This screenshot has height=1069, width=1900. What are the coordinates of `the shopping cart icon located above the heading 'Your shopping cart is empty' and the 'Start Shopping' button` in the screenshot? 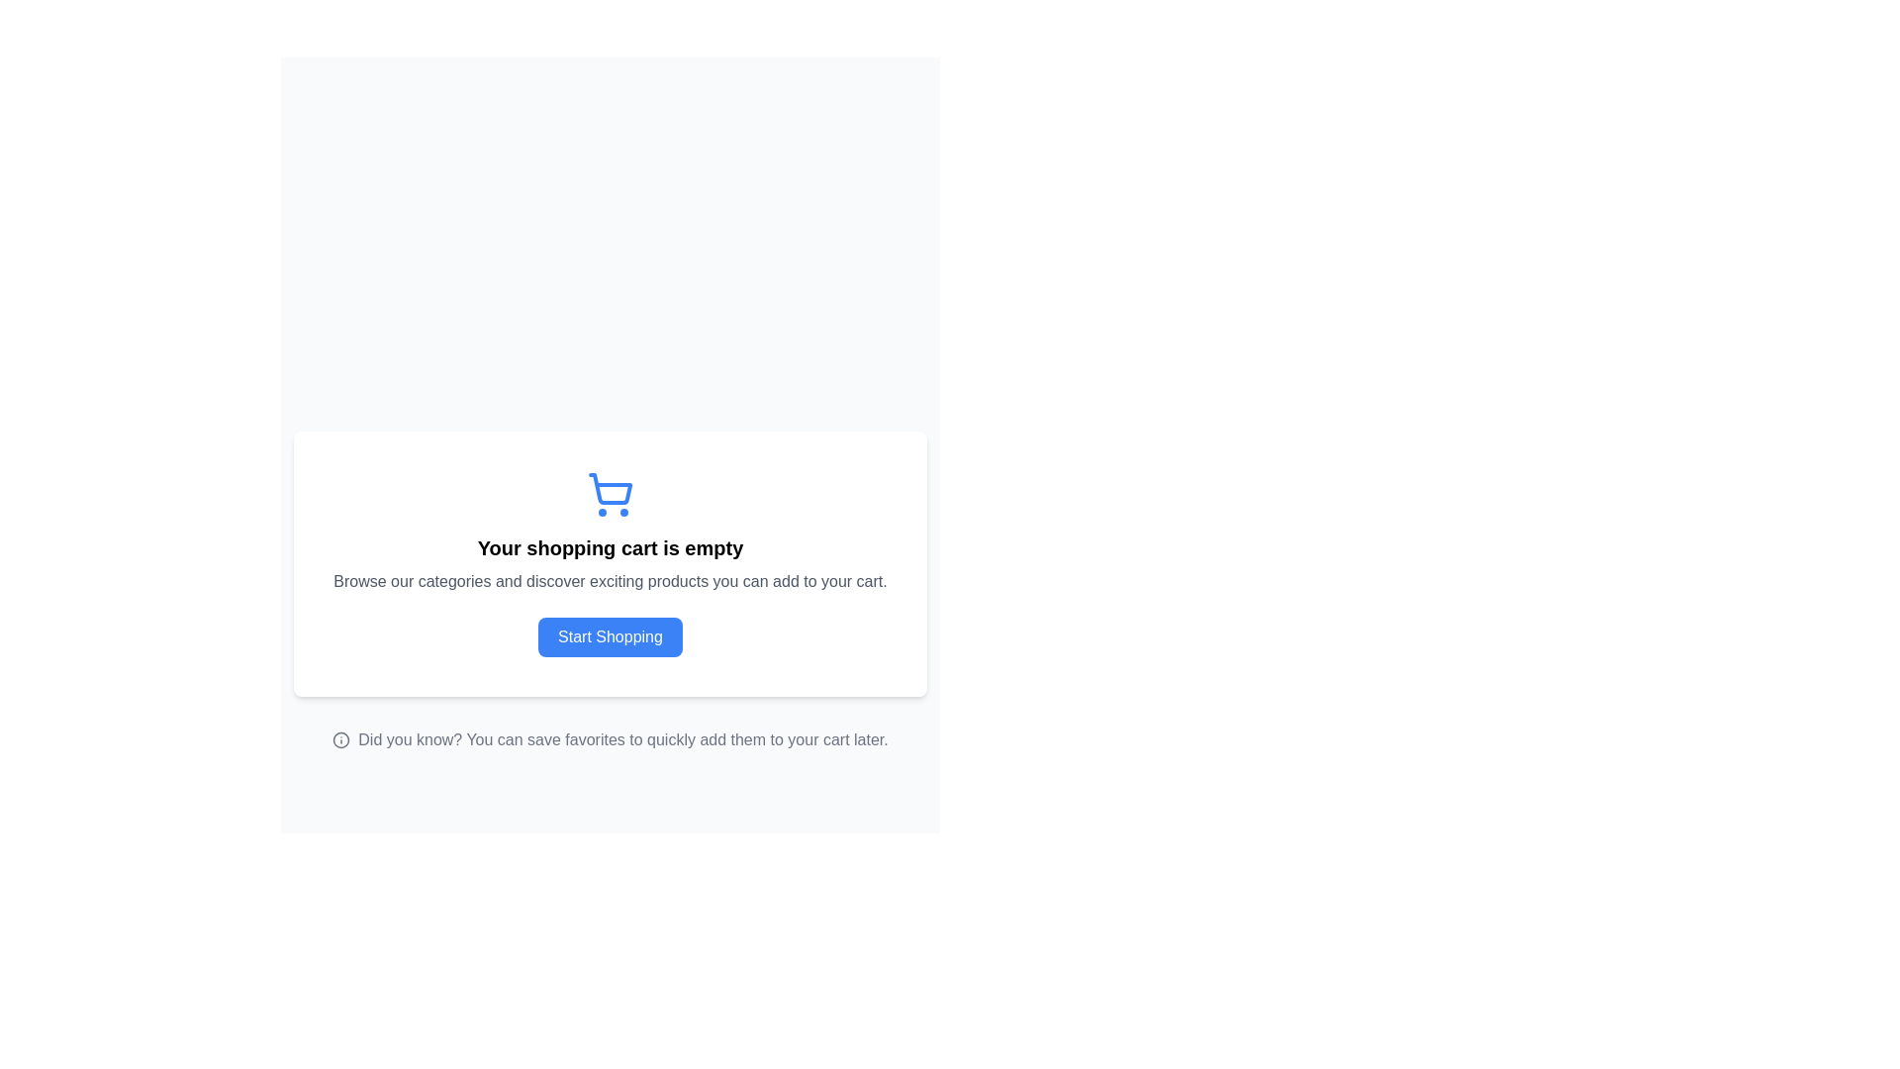 It's located at (610, 494).